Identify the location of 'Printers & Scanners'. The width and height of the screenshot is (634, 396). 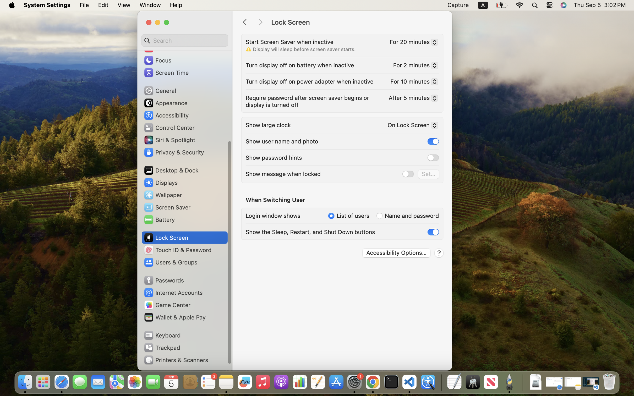
(176, 360).